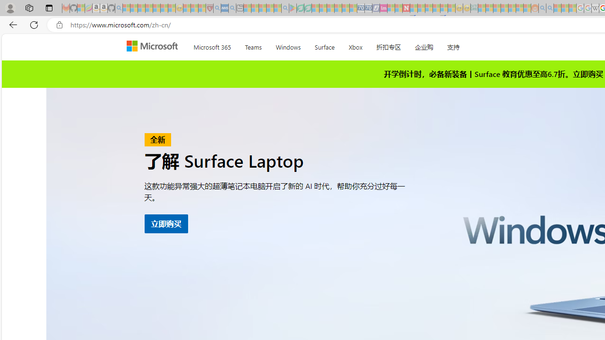  I want to click on 'Robert H. Shmerling, MD - Harvard Health - Sleeping', so click(209, 8).